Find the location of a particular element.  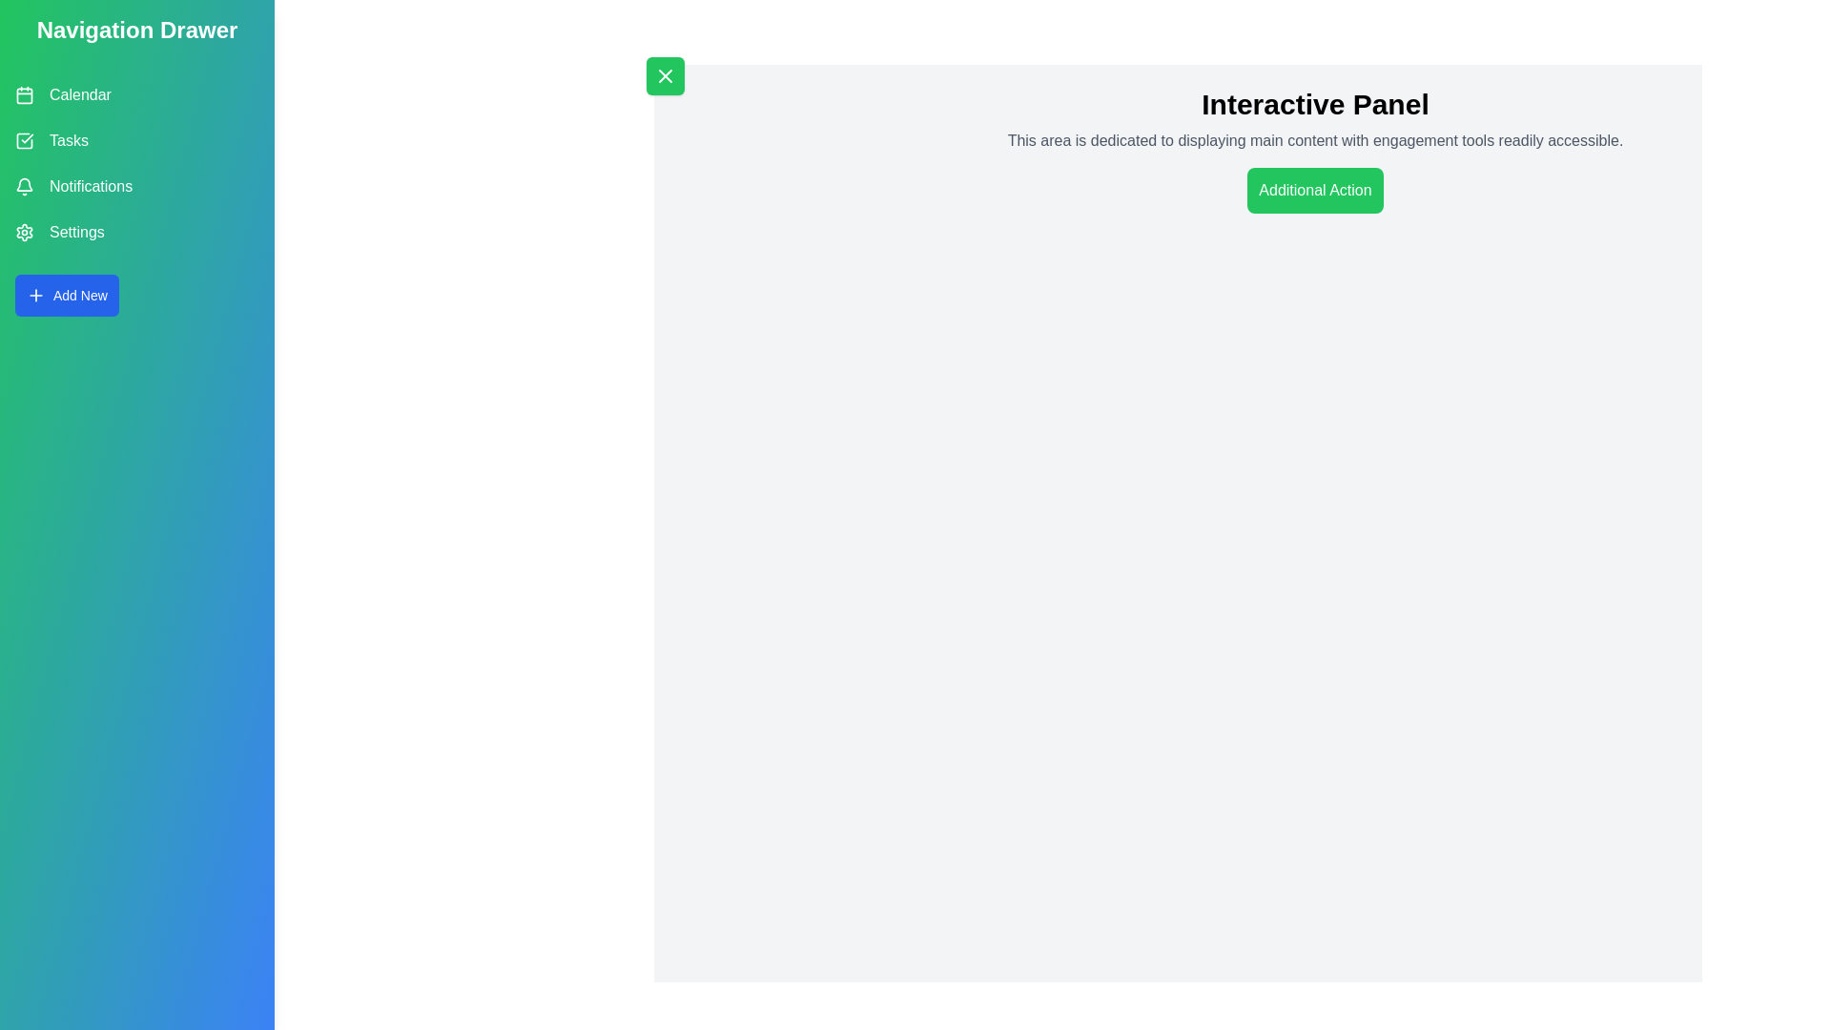

the small green button with a white 'X' icon located in the upper right corner of the interactive panel is located at coordinates (665, 75).